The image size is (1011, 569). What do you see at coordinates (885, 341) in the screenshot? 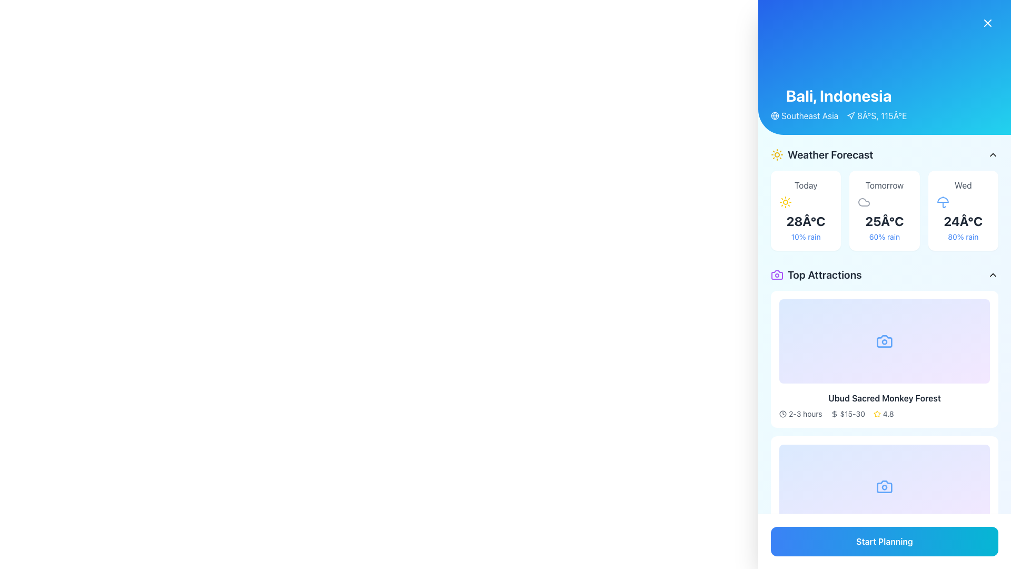
I see `the first camera icon in the 'Top Attractions' section, located below the 'Weather Forecast' section` at bounding box center [885, 341].